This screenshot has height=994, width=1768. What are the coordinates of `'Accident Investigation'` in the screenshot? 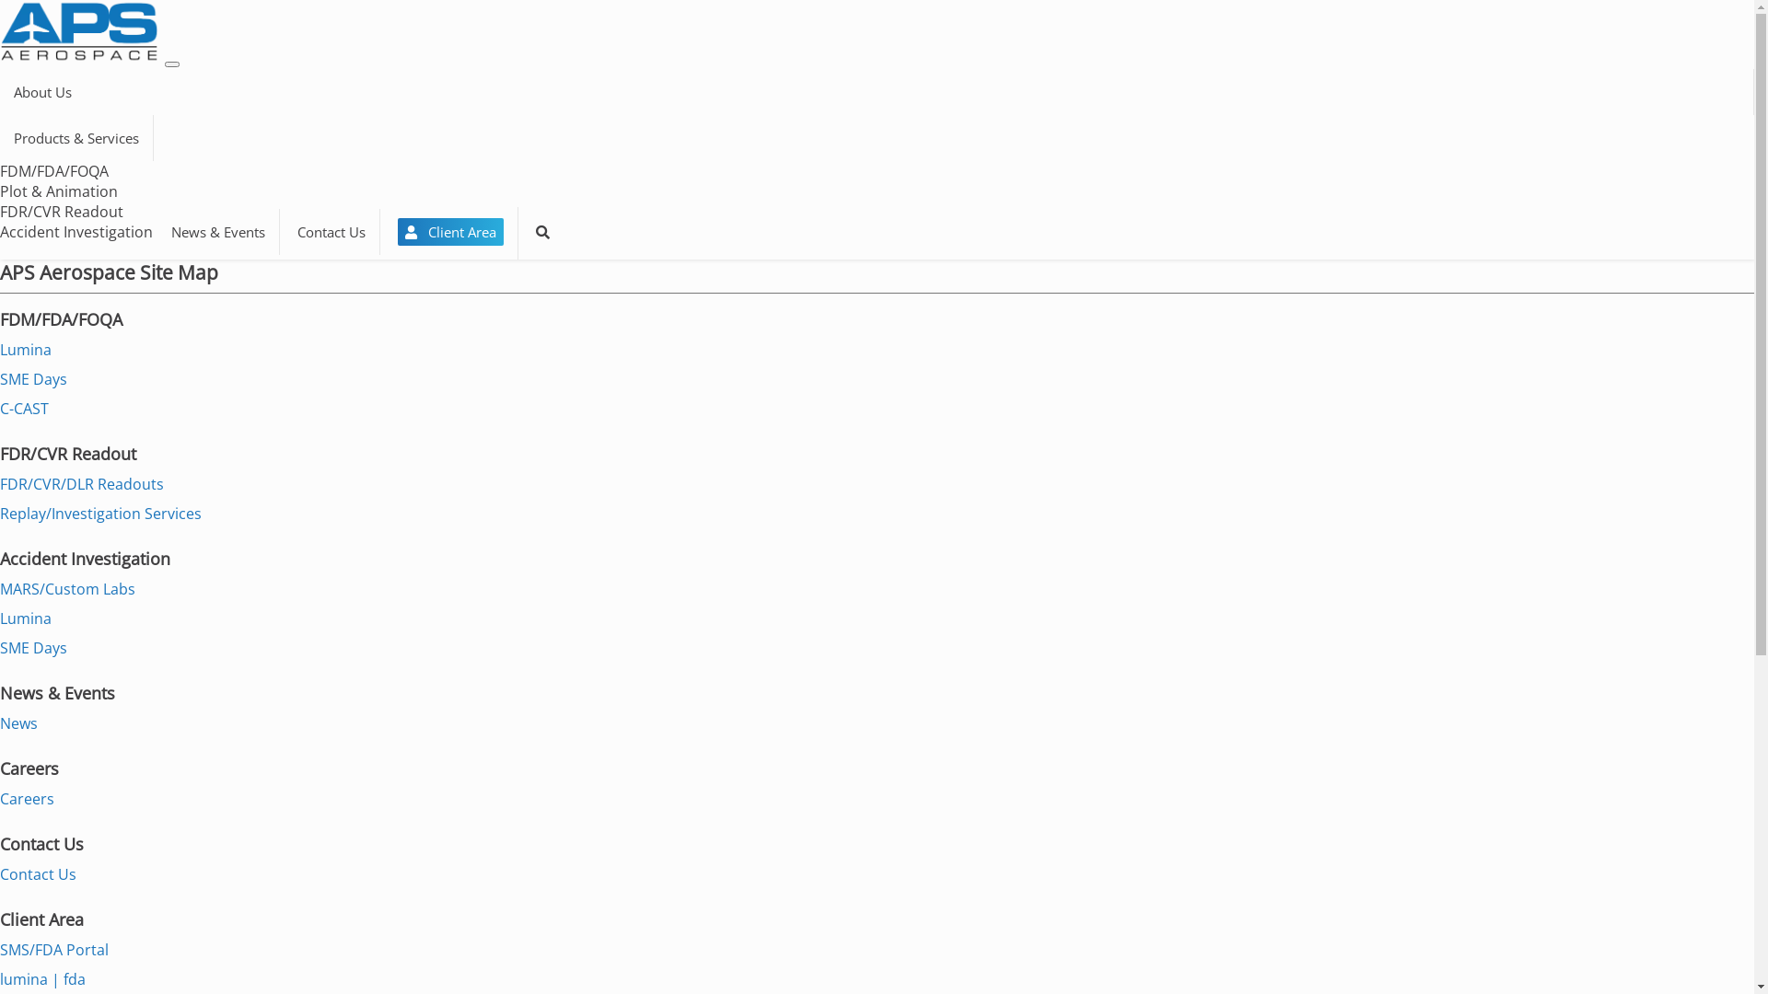 It's located at (75, 230).